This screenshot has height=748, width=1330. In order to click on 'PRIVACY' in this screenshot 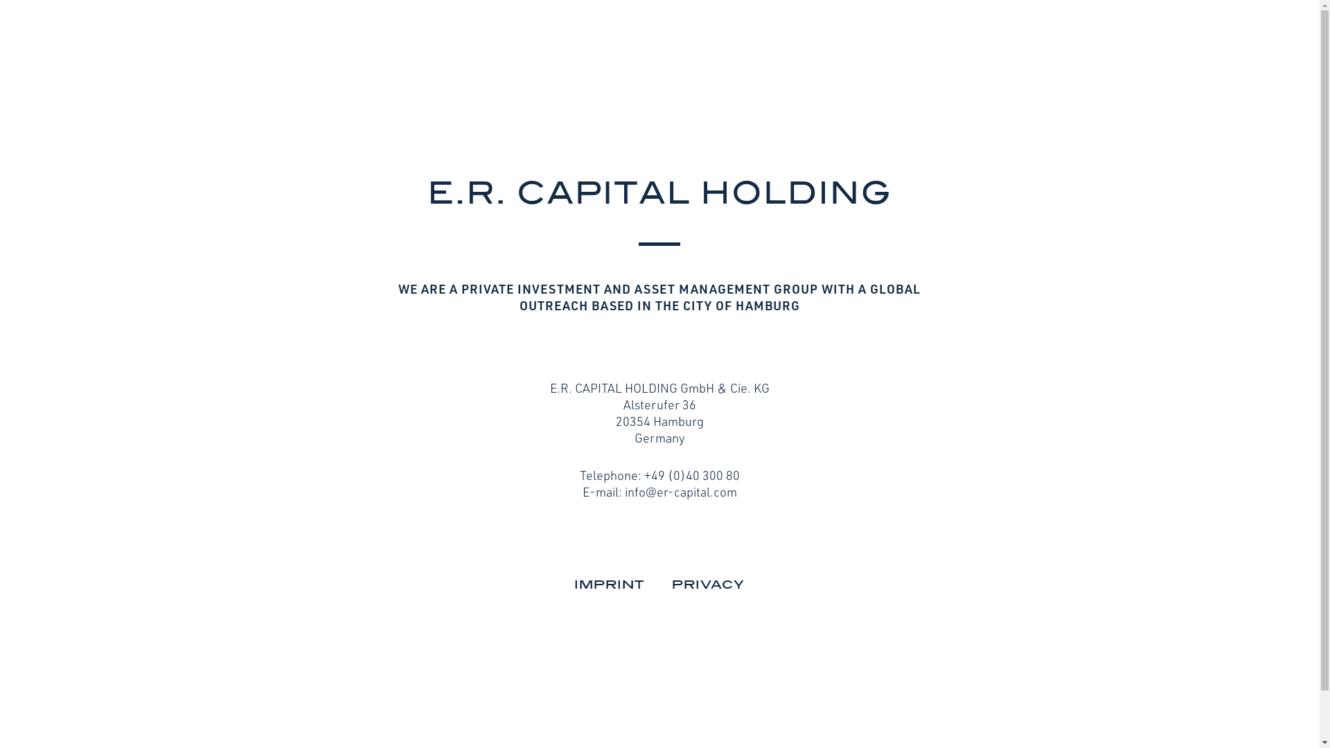, I will do `click(708, 585)`.